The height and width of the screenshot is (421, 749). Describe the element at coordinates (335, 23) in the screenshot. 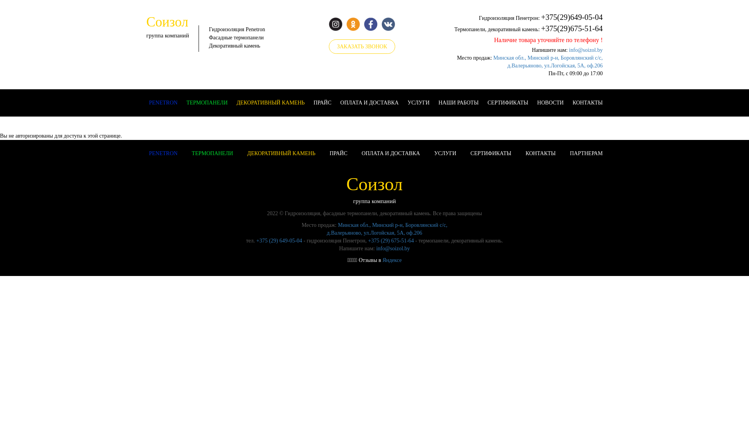

I see `'Instagram'` at that location.